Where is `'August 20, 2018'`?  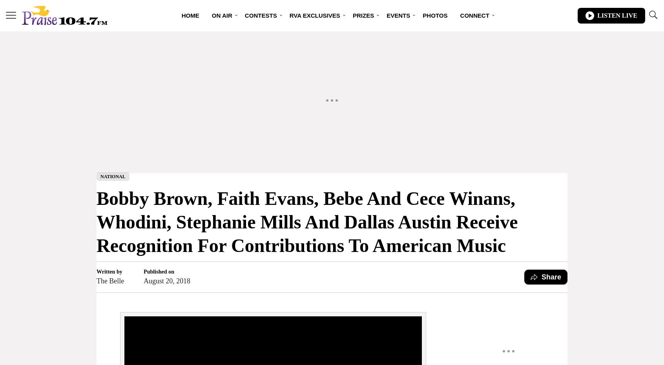 'August 20, 2018' is located at coordinates (166, 280).